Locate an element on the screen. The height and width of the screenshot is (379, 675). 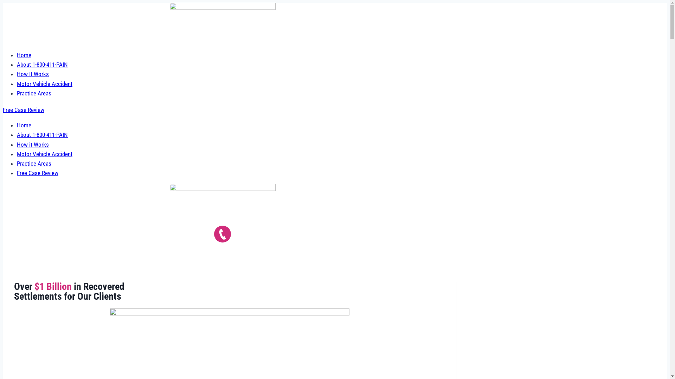
'Skip to content' is located at coordinates (2, 2).